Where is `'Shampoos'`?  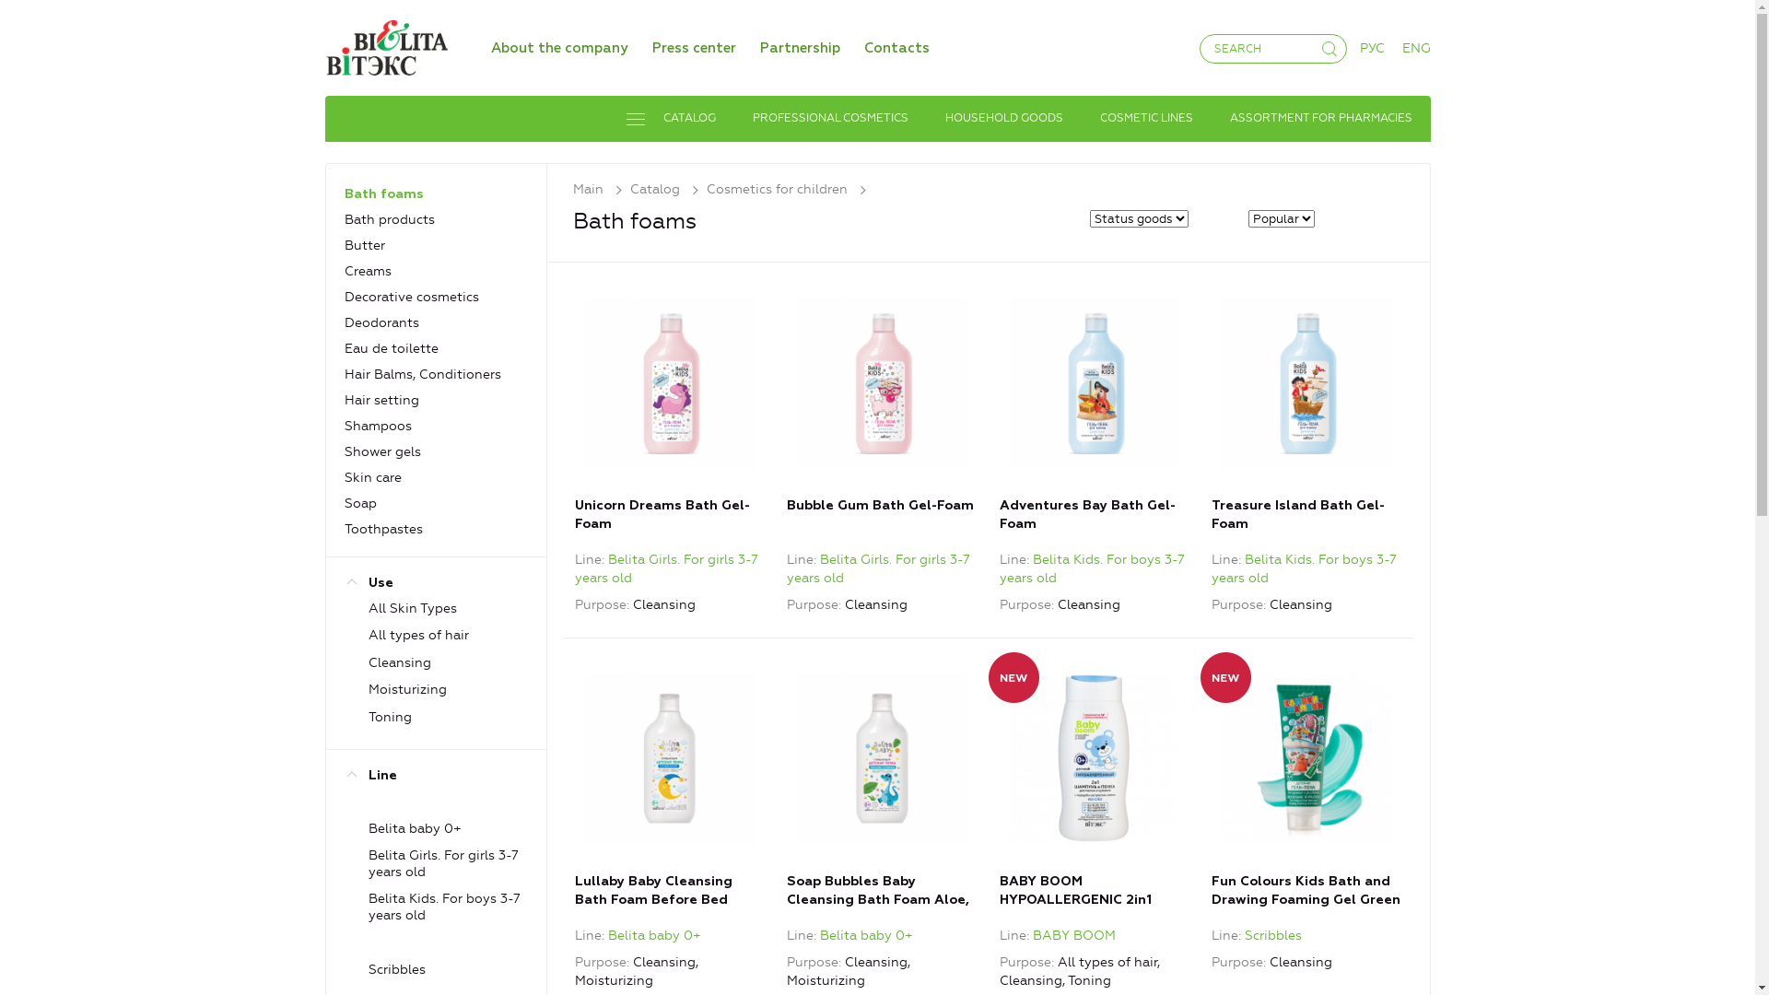 'Shampoos' is located at coordinates (377, 426).